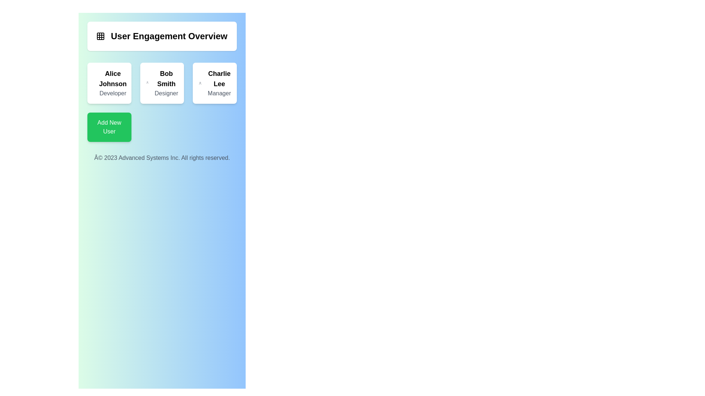 The width and height of the screenshot is (705, 396). What do you see at coordinates (100, 36) in the screenshot?
I see `the icon located to the left of the header text 'User Engagement Overview'` at bounding box center [100, 36].